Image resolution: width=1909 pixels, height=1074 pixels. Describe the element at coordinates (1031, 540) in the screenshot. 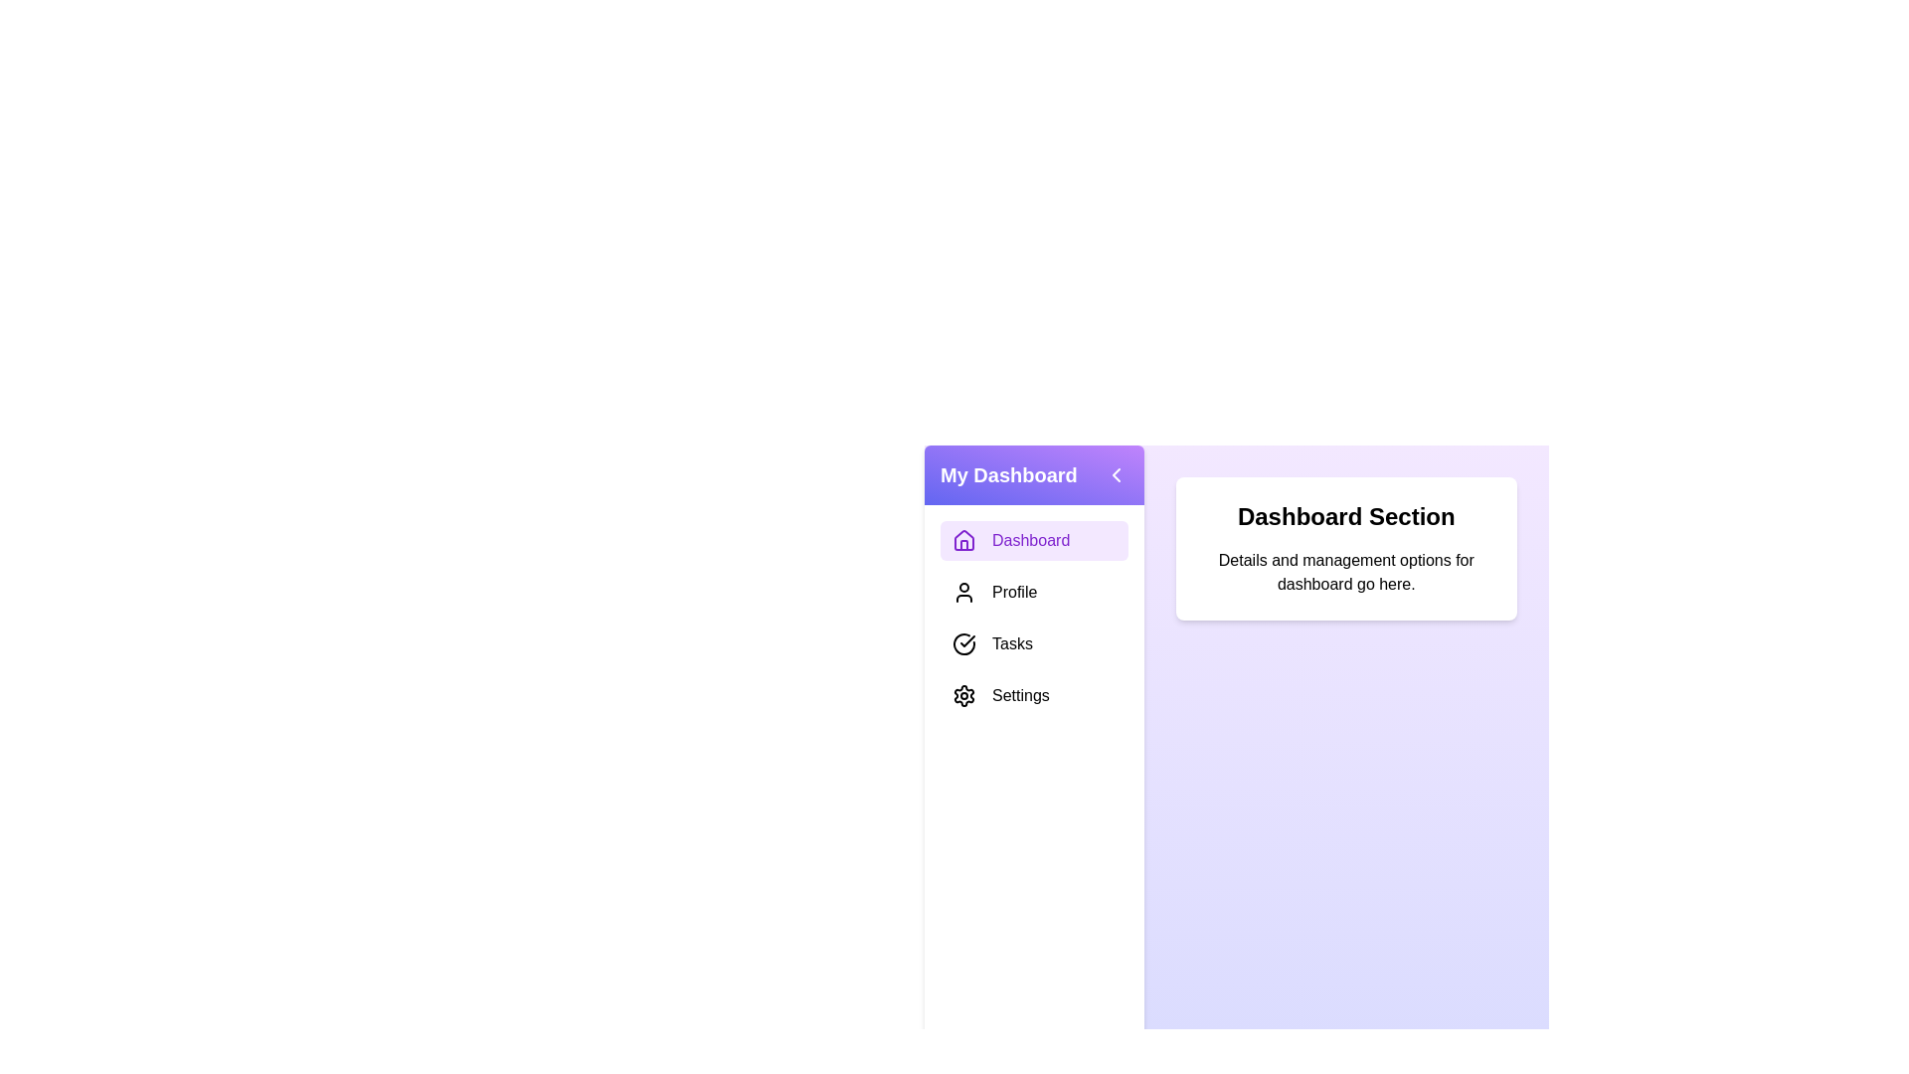

I see `the 'Dashboard' text label located in the left sidebar` at that location.